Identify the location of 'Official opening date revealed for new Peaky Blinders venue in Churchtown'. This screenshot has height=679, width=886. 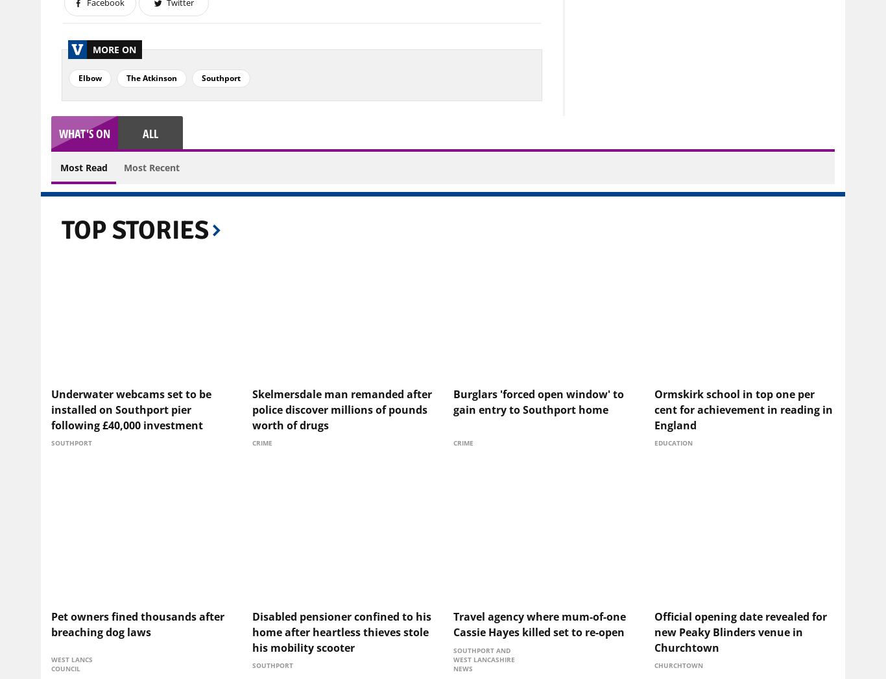
(740, 631).